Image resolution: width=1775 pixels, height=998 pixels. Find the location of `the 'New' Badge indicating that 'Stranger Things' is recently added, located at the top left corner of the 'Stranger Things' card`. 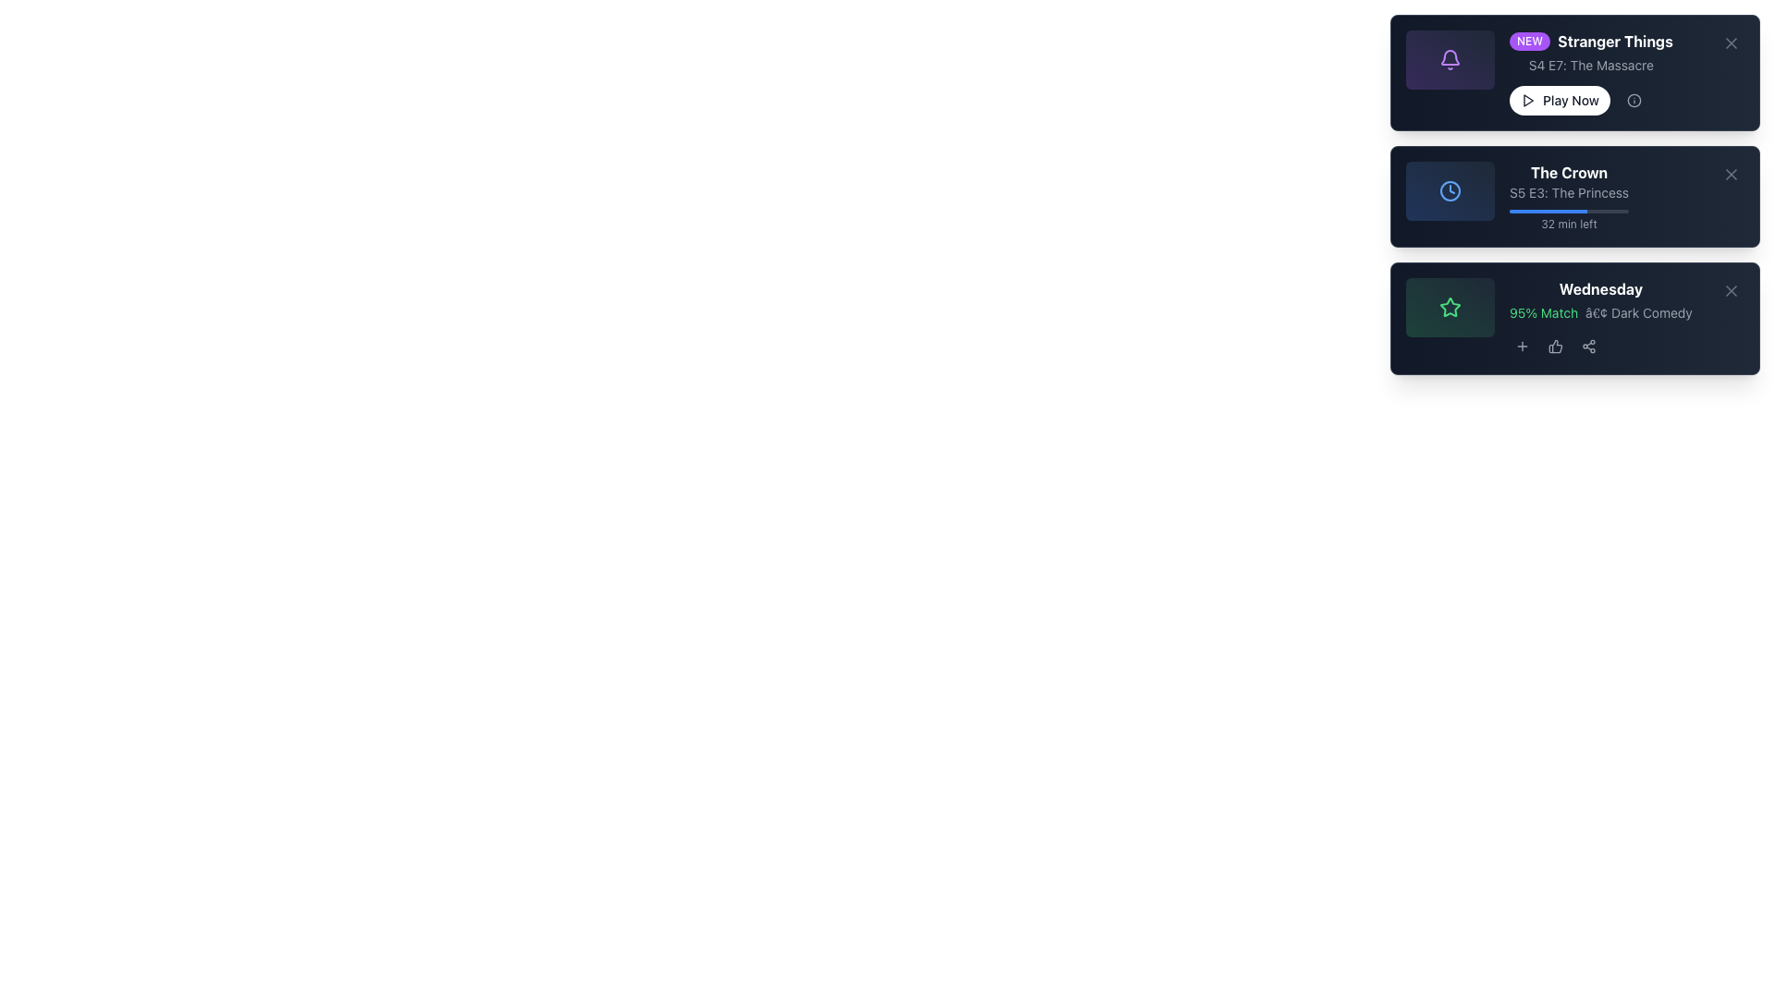

the 'New' Badge indicating that 'Stranger Things' is recently added, located at the top left corner of the 'Stranger Things' card is located at coordinates (1530, 42).